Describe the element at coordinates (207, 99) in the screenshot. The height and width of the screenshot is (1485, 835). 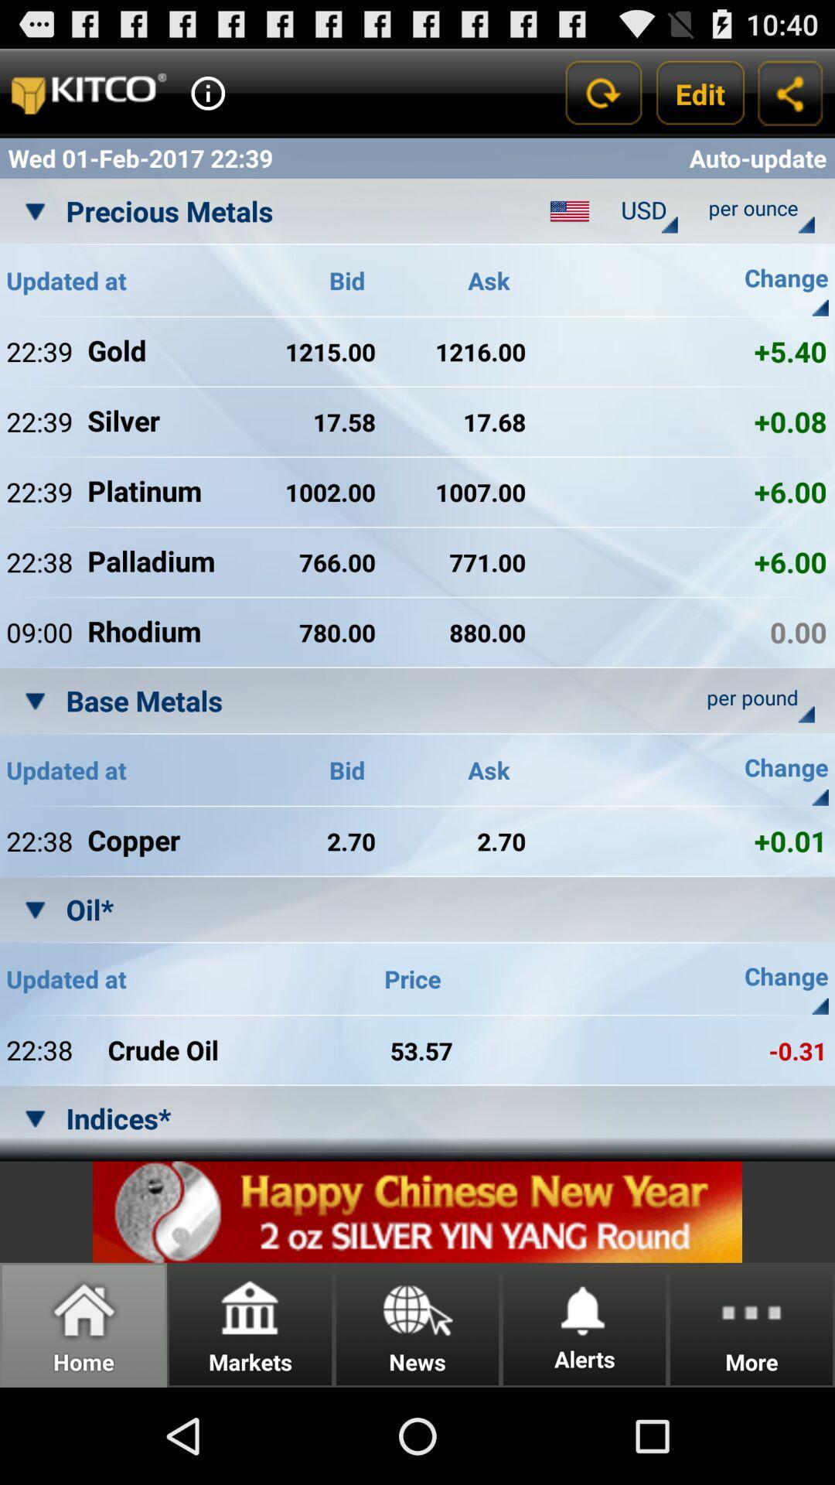
I see `the info icon` at that location.